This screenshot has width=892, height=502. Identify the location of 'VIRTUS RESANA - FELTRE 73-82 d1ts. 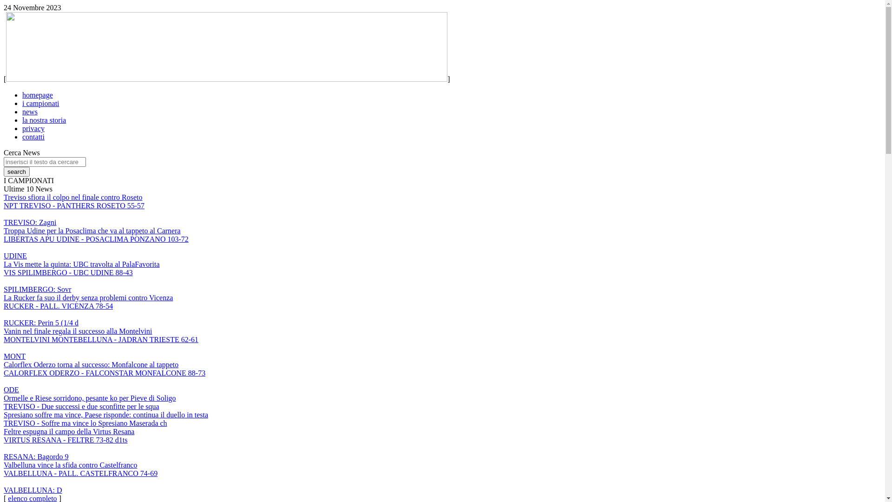
(65, 448).